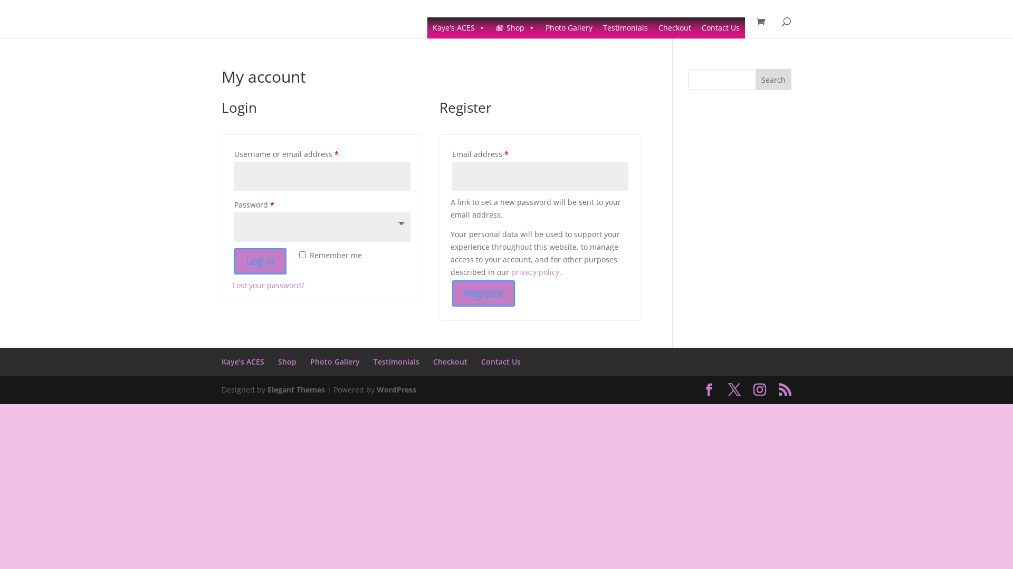 The image size is (1013, 569). I want to click on 'Lost your password?', so click(268, 285).